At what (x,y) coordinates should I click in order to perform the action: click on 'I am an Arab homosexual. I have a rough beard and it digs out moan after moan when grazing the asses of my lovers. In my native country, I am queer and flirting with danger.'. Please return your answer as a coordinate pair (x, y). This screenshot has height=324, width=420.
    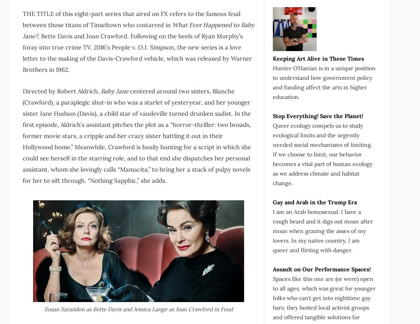
    Looking at the image, I should click on (322, 230).